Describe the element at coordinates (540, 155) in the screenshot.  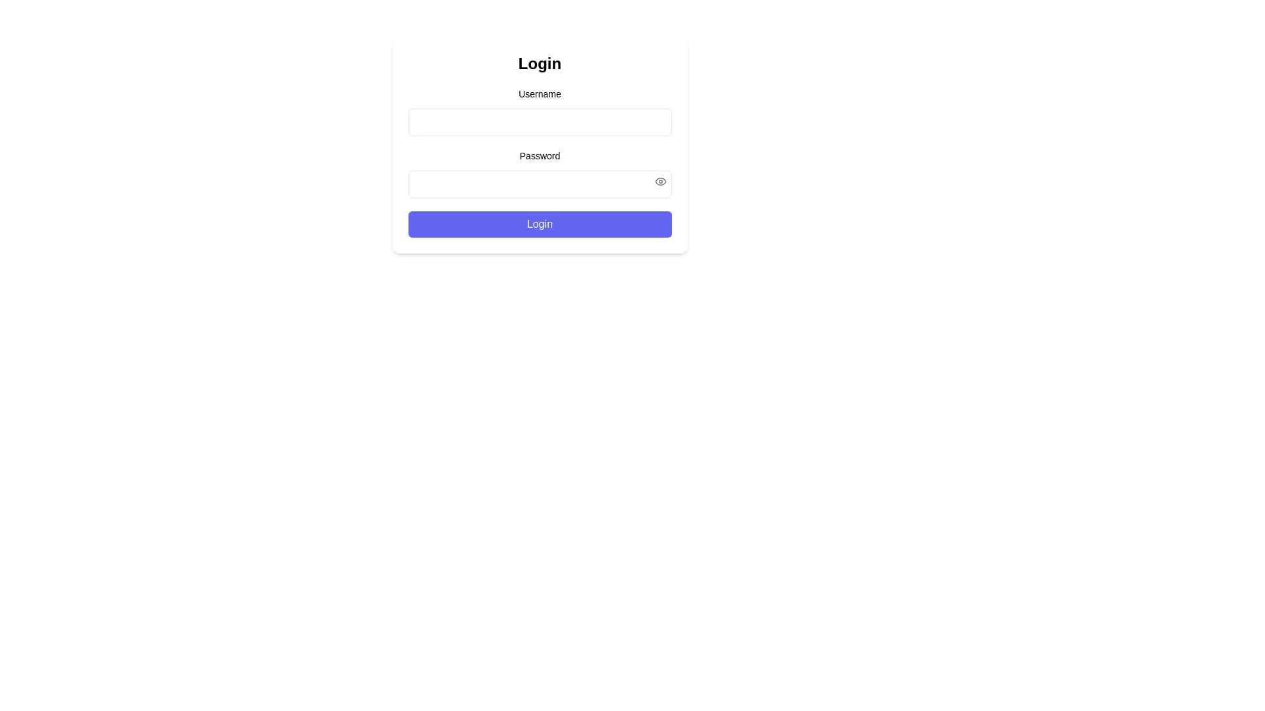
I see `the password label which indicates the input field for entering a password, located directly below the username label in a vertical layout` at that location.